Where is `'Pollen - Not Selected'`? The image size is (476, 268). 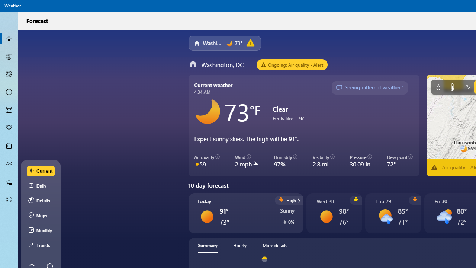 'Pollen - Not Selected' is located at coordinates (9, 127).